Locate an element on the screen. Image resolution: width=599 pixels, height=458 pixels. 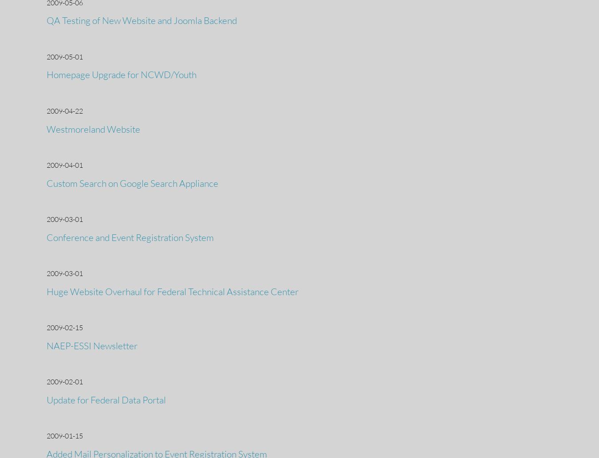
'Westmoreland Website' is located at coordinates (93, 128).